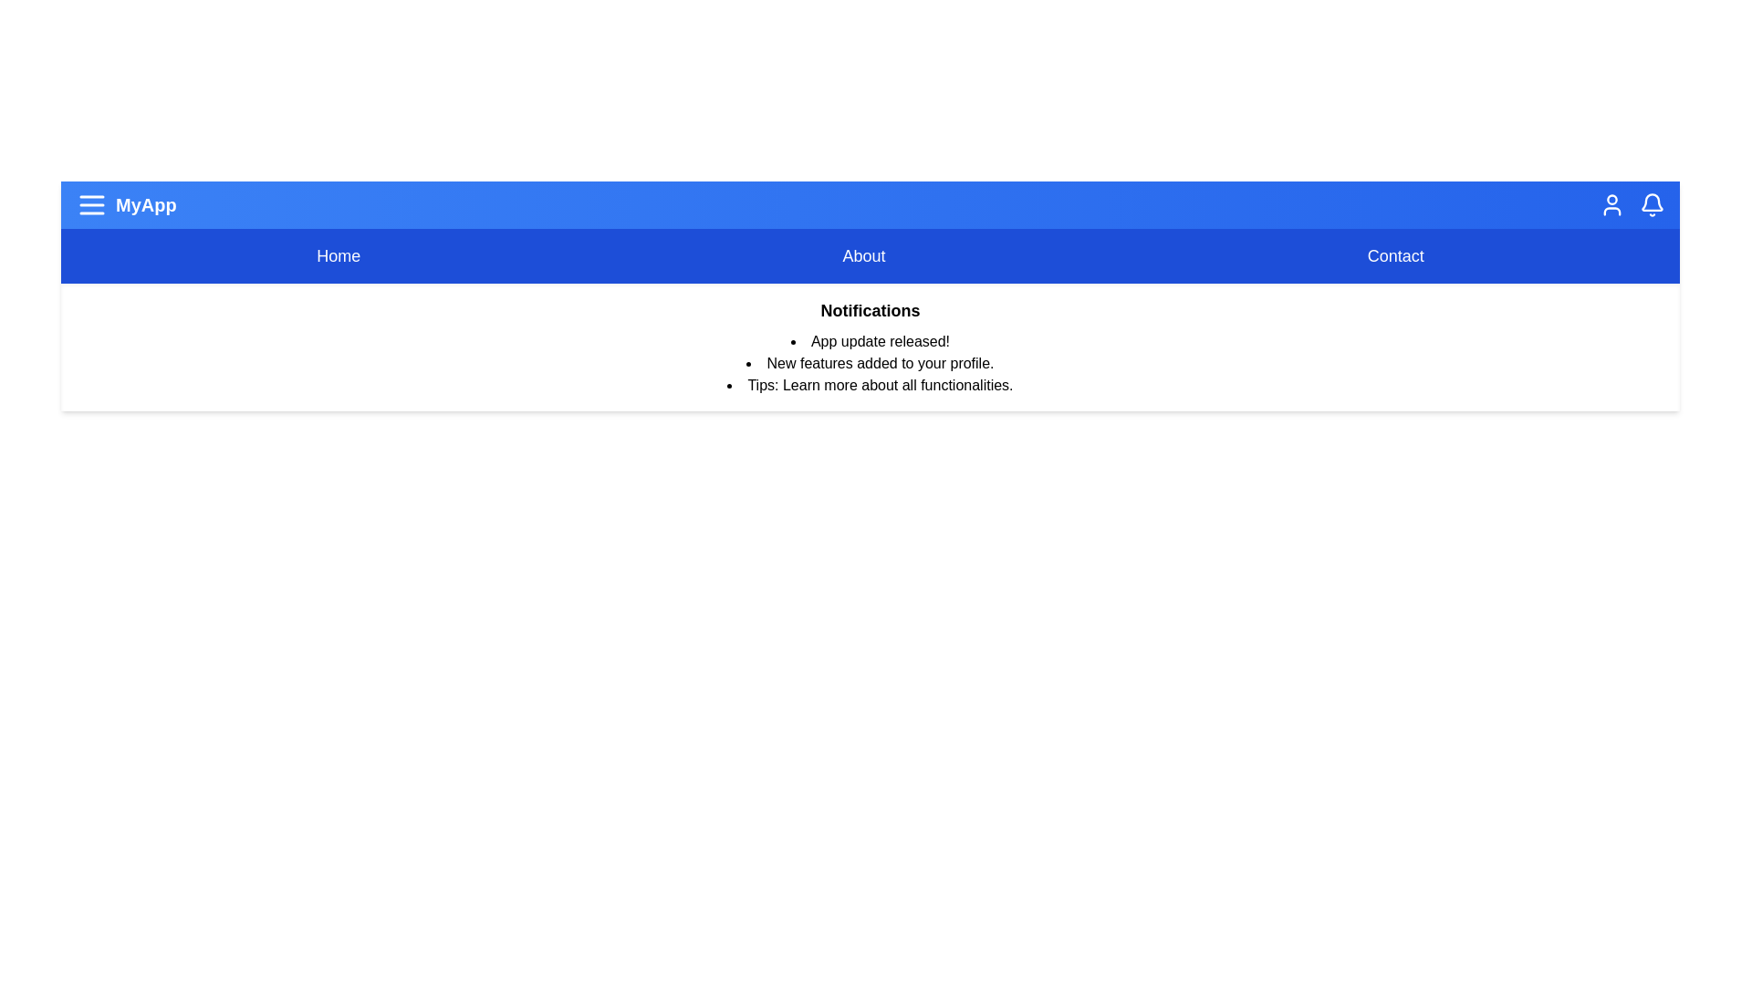 The image size is (1752, 985). I want to click on the 'MyApp' branding in the AppBar to inspect the application's branding and title, so click(125, 204).